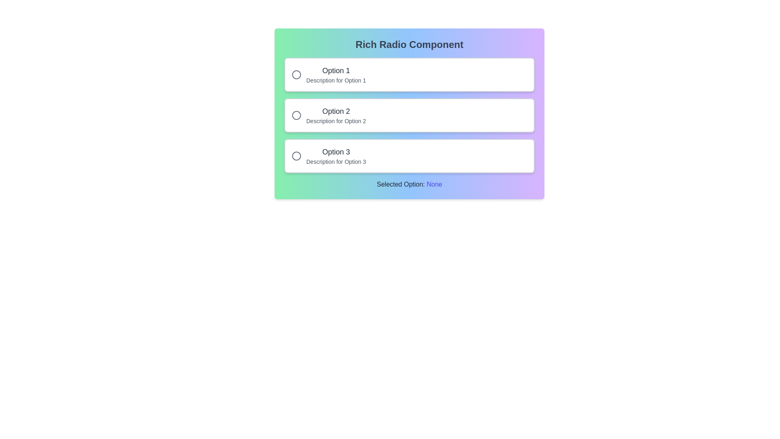 This screenshot has height=439, width=780. Describe the element at coordinates (296, 156) in the screenshot. I see `the Circle (SVG element) that serves as a graphical part of the radio button component in the 'Option 3' section of the Rich Radio Component` at that location.